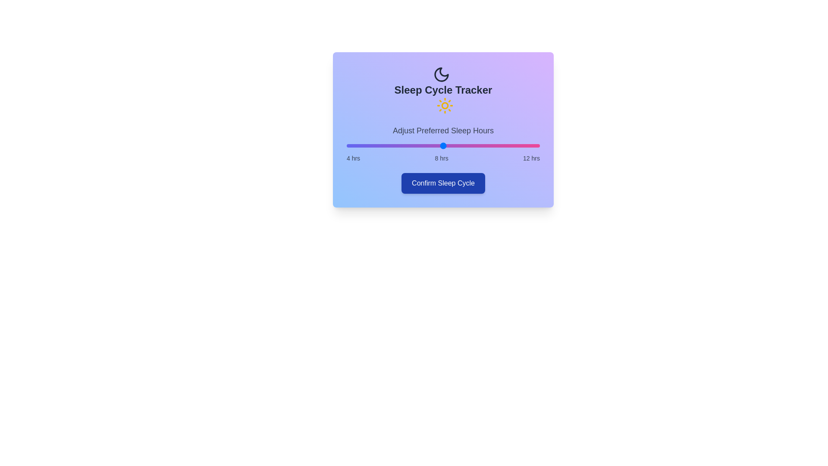 The height and width of the screenshot is (466, 828). What do you see at coordinates (445, 105) in the screenshot?
I see `the decorative icon sun` at bounding box center [445, 105].